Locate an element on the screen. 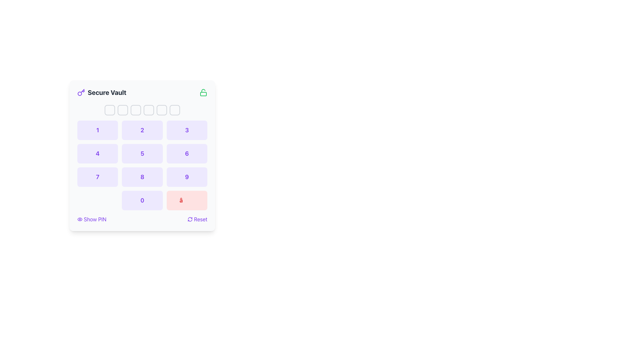 Image resolution: width=624 pixels, height=351 pixels. the Placeholder box element, which is a small square with rounded corners and a gray border, located in the top section of the Secure Vault interface, specifically the last square in a row of six squares above the numerical keypad is located at coordinates (175, 110).